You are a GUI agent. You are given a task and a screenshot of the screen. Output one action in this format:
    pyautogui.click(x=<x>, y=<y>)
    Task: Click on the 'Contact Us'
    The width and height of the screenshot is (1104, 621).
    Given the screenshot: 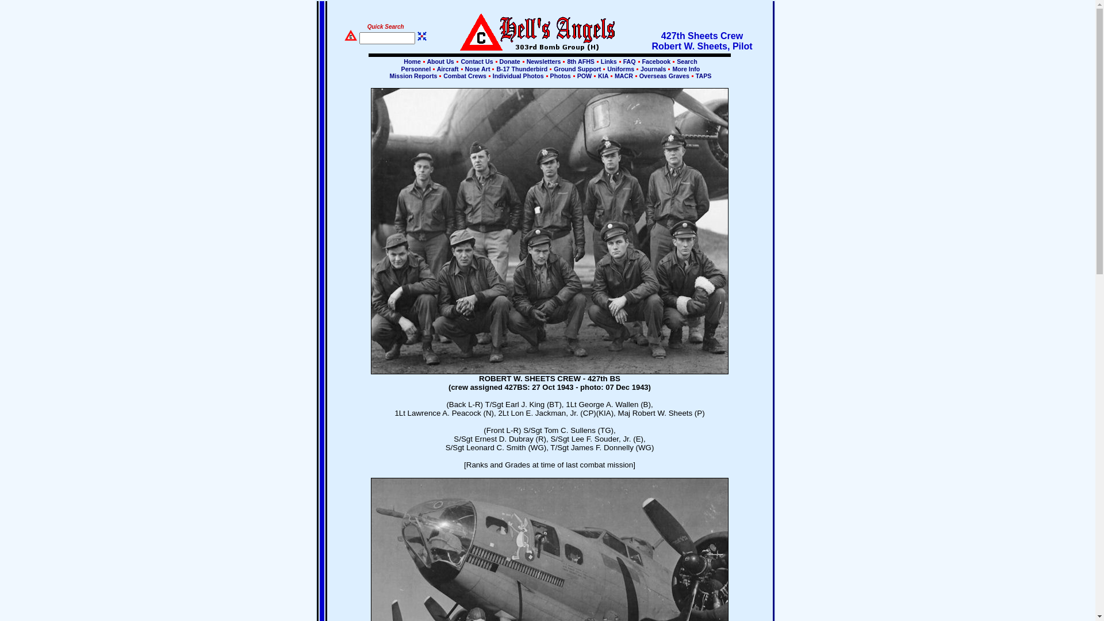 What is the action you would take?
    pyautogui.click(x=477, y=62)
    